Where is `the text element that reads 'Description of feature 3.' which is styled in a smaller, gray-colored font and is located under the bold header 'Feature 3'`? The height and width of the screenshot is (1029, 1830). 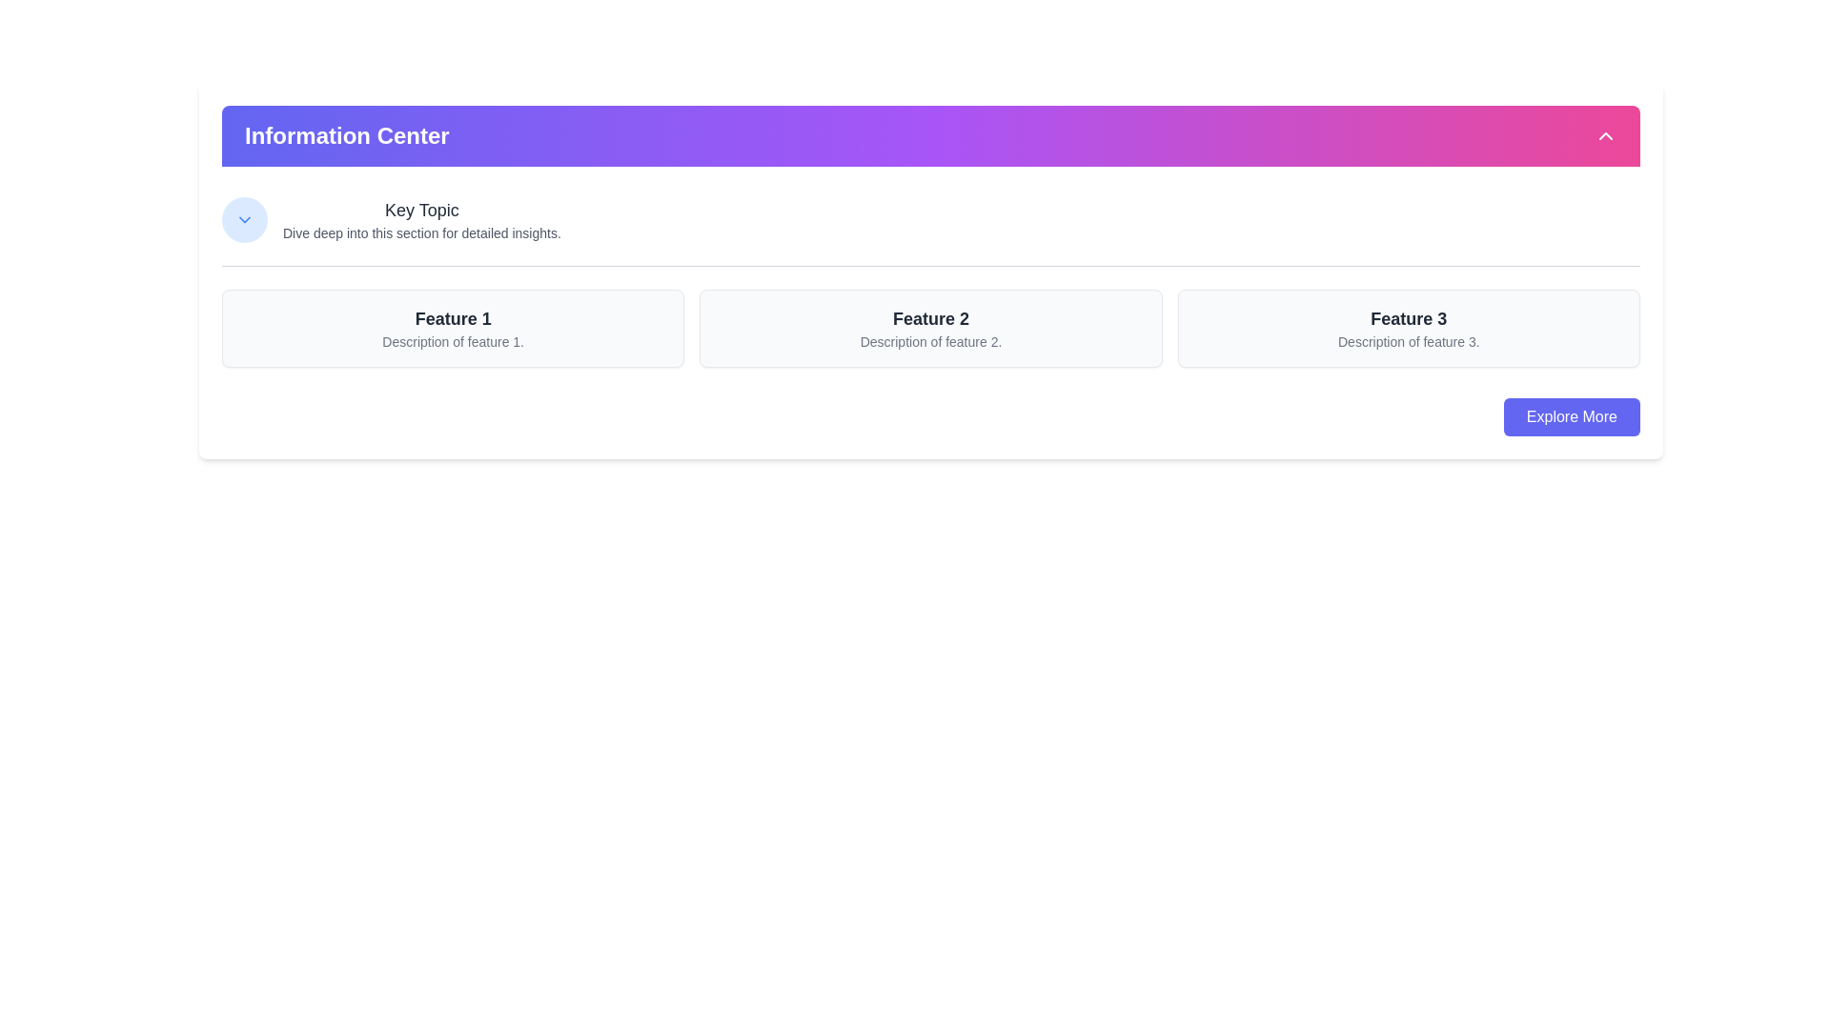
the text element that reads 'Description of feature 3.' which is styled in a smaller, gray-colored font and is located under the bold header 'Feature 3' is located at coordinates (1409, 340).